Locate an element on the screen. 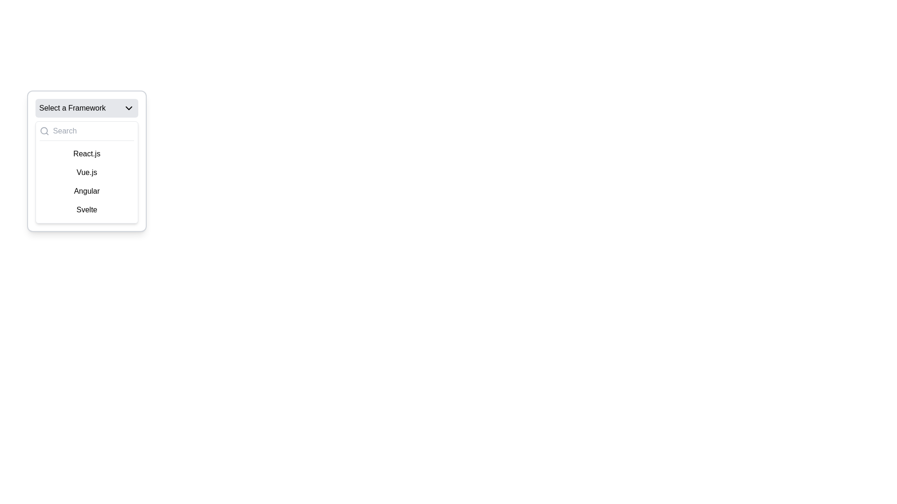 The image size is (897, 504). the search input field located below the 'Select a Framework' dropdown to focus and type in it is located at coordinates (87, 133).